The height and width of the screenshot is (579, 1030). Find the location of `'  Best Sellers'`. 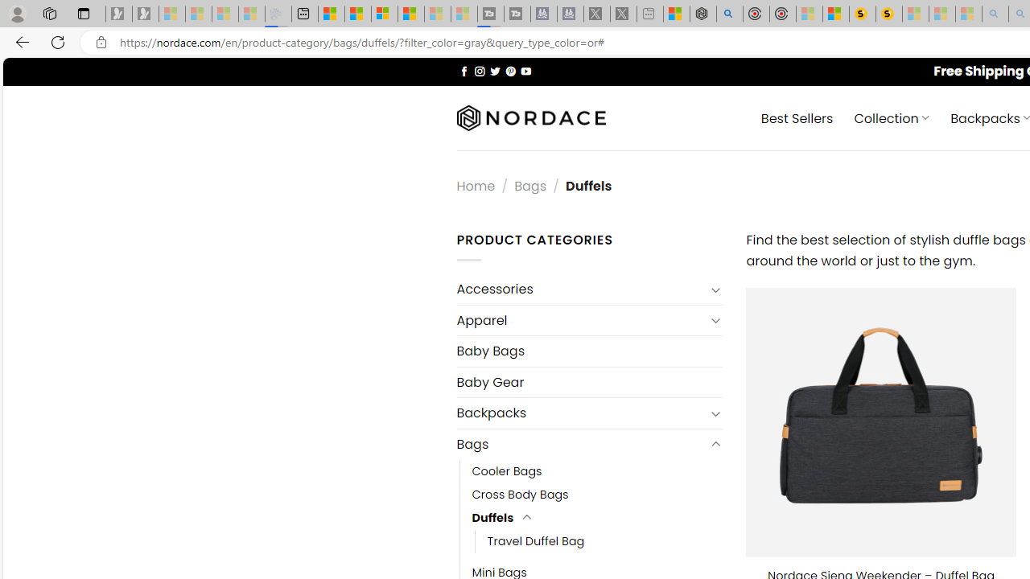

'  Best Sellers' is located at coordinates (797, 117).